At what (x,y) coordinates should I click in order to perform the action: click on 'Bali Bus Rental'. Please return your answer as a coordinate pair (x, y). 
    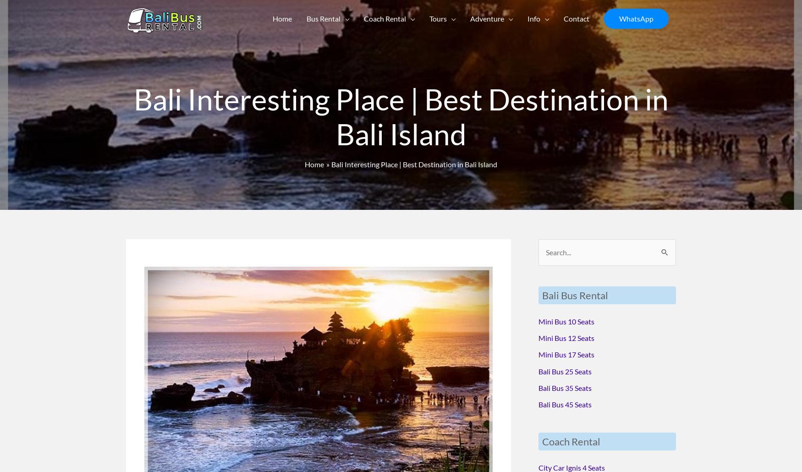
    Looking at the image, I should click on (574, 295).